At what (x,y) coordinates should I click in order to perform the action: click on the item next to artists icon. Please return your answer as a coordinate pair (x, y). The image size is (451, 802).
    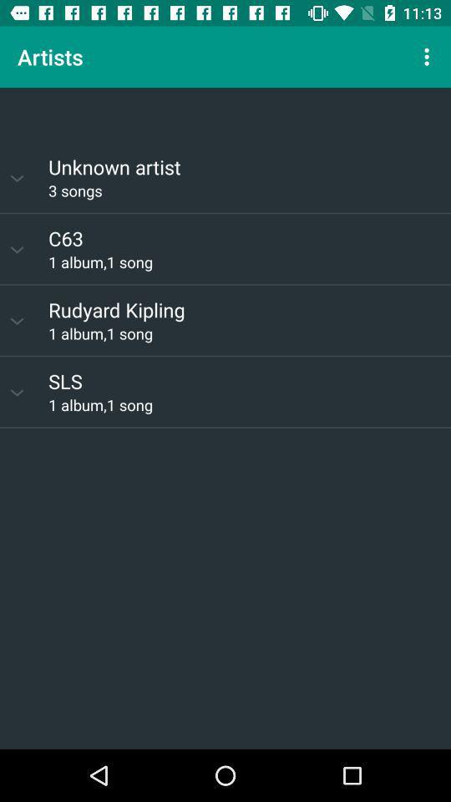
    Looking at the image, I should click on (428, 57).